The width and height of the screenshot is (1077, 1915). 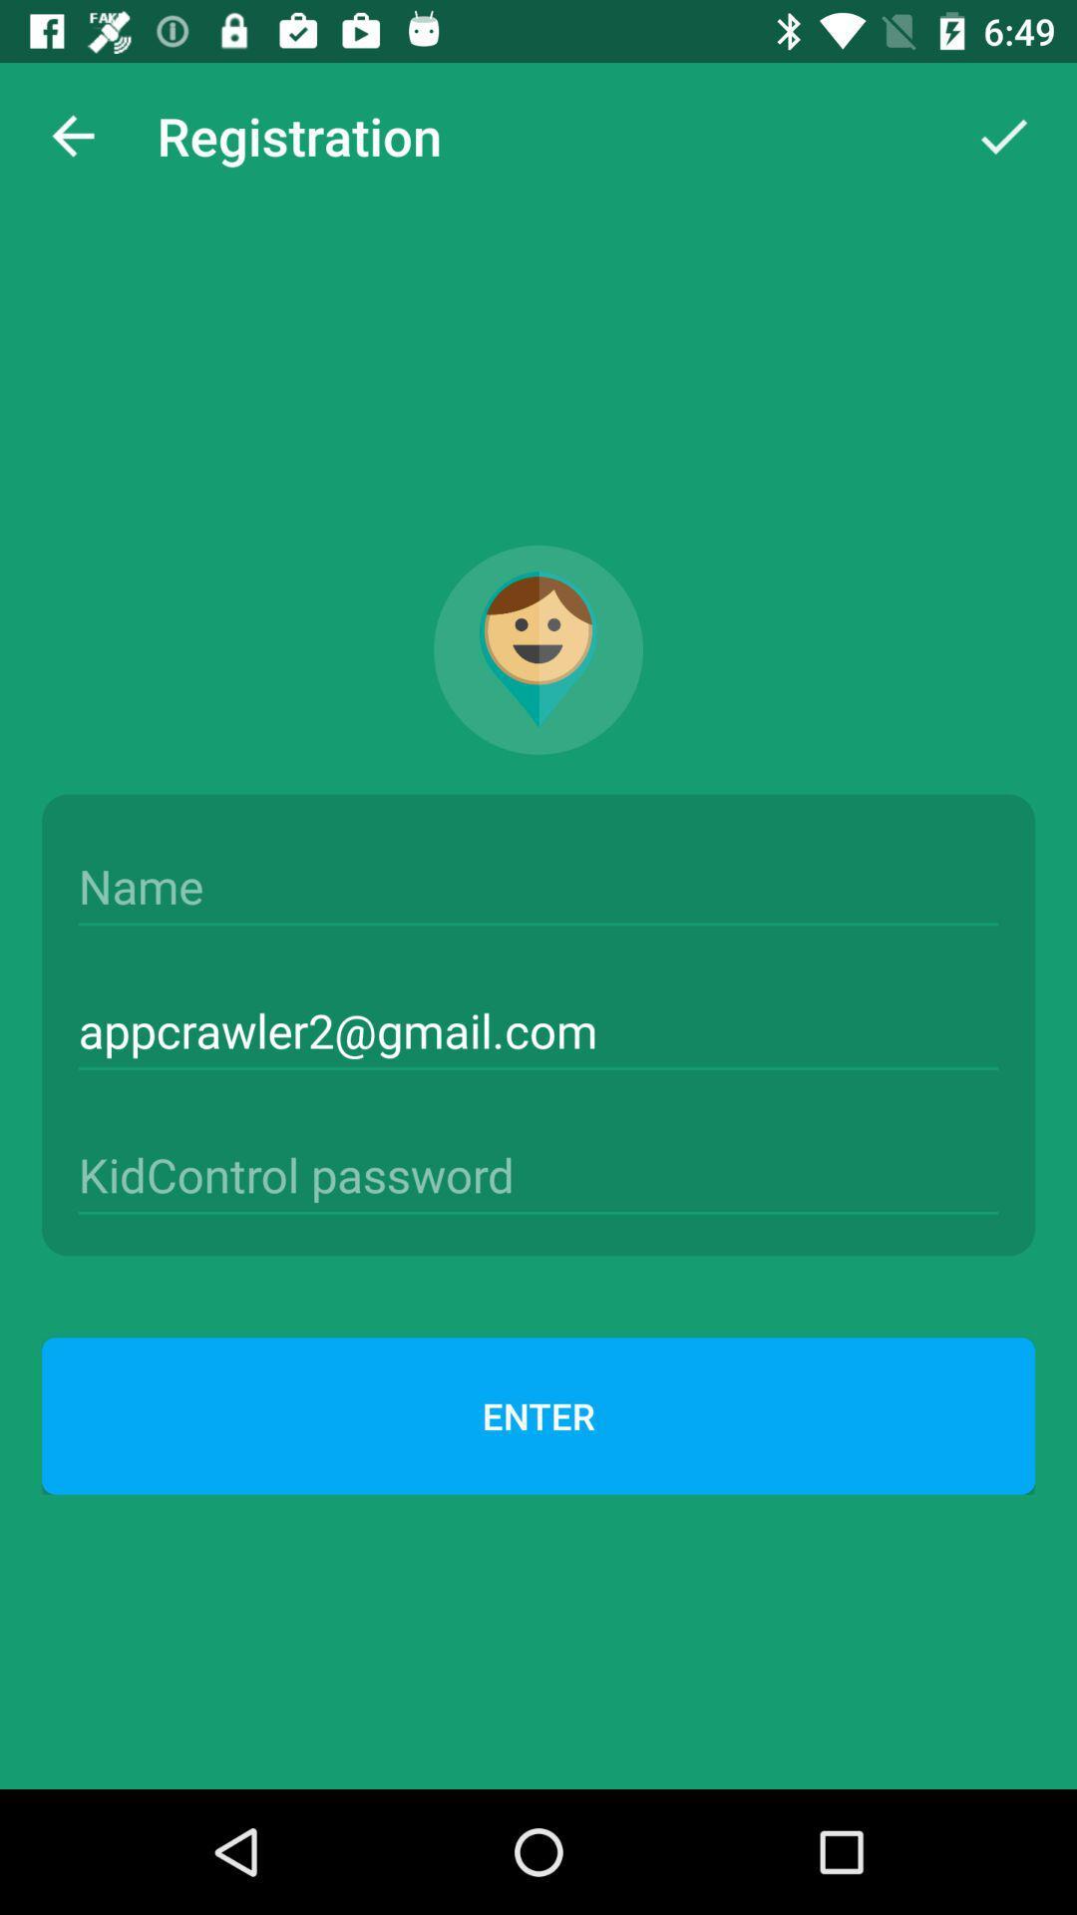 I want to click on name to register, so click(x=538, y=886).